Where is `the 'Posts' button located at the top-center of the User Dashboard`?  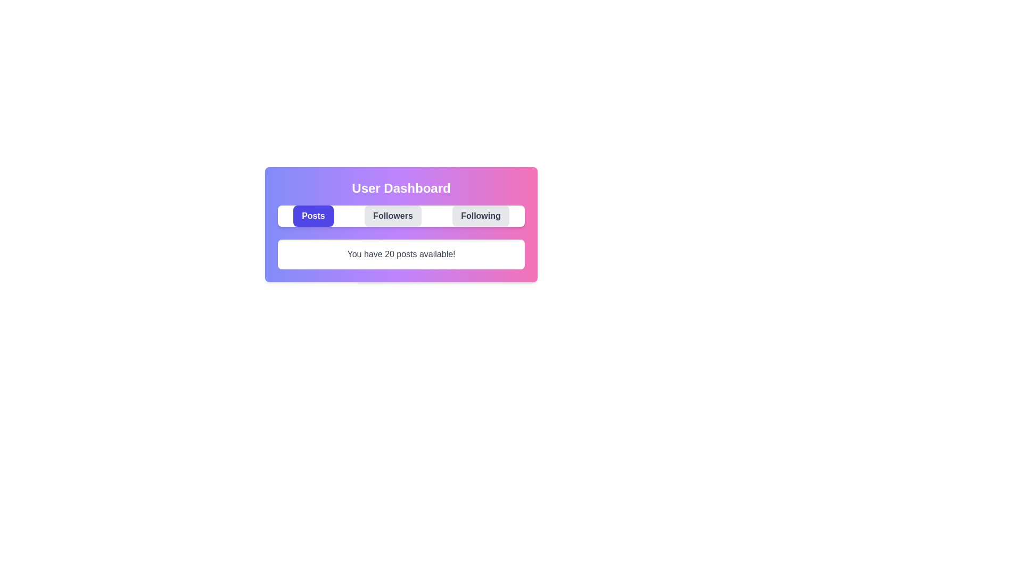 the 'Posts' button located at the top-center of the User Dashboard is located at coordinates (313, 216).